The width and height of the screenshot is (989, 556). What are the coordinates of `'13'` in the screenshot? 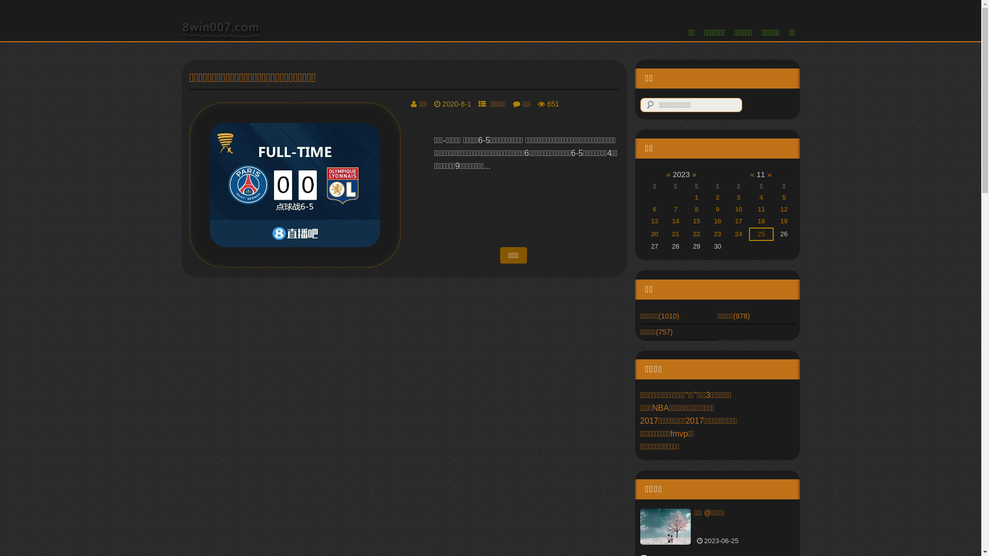 It's located at (650, 220).